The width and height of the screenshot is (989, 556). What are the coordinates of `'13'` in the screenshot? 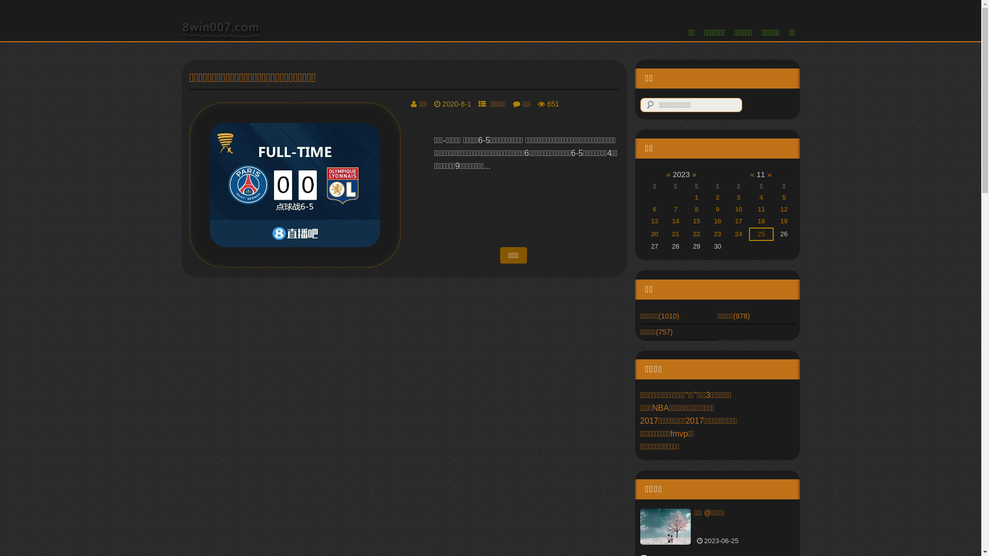 It's located at (650, 220).